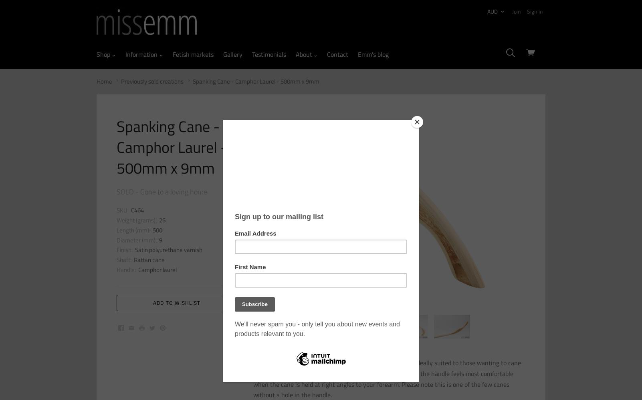 The height and width of the screenshot is (400, 642). What do you see at coordinates (251, 54) in the screenshot?
I see `'Testimonials'` at bounding box center [251, 54].